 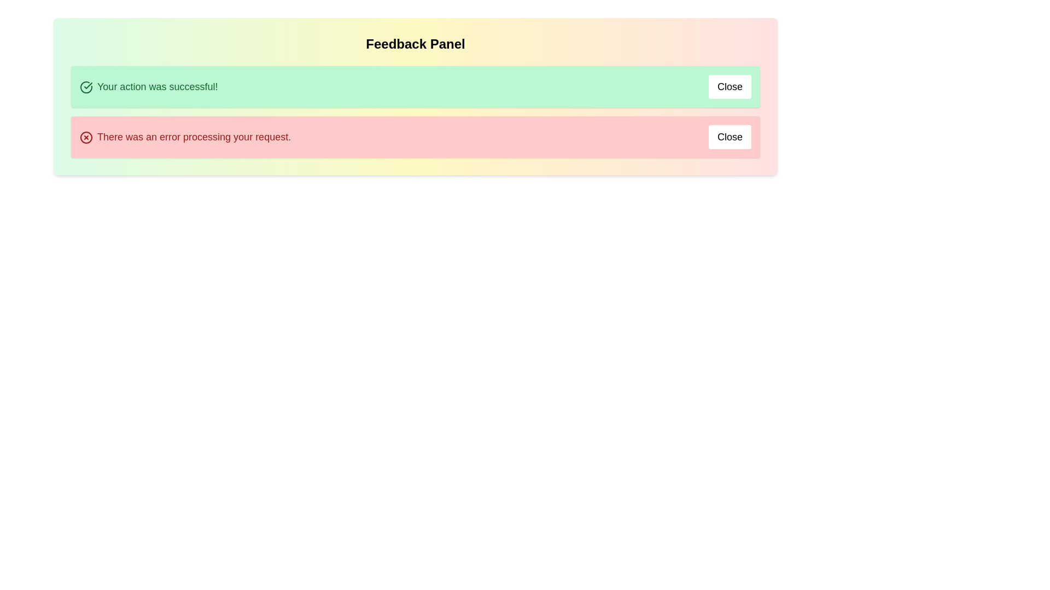 I want to click on the success message Text label with accompanying icon located in the upper section of the notification panel, to the left of the 'Close' button, so click(x=148, y=86).